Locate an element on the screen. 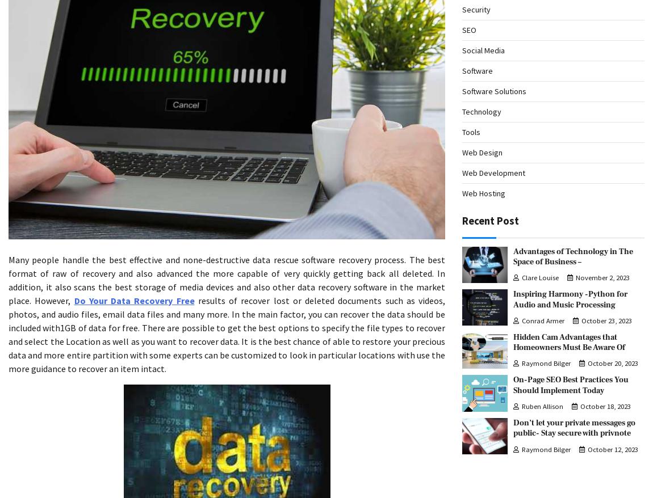  'October 23, 2023' is located at coordinates (606, 319).